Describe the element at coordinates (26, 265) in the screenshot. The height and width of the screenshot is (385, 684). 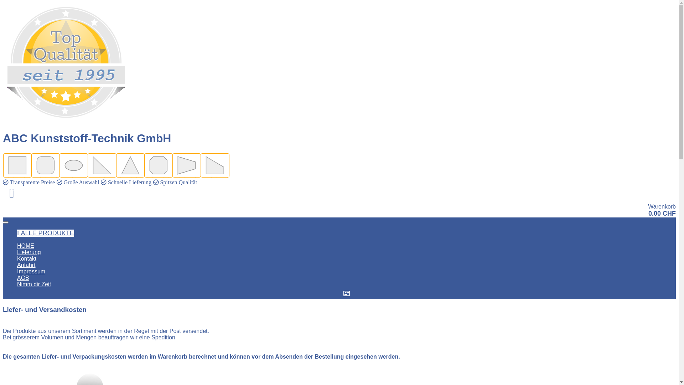
I see `'Anfahrt'` at that location.